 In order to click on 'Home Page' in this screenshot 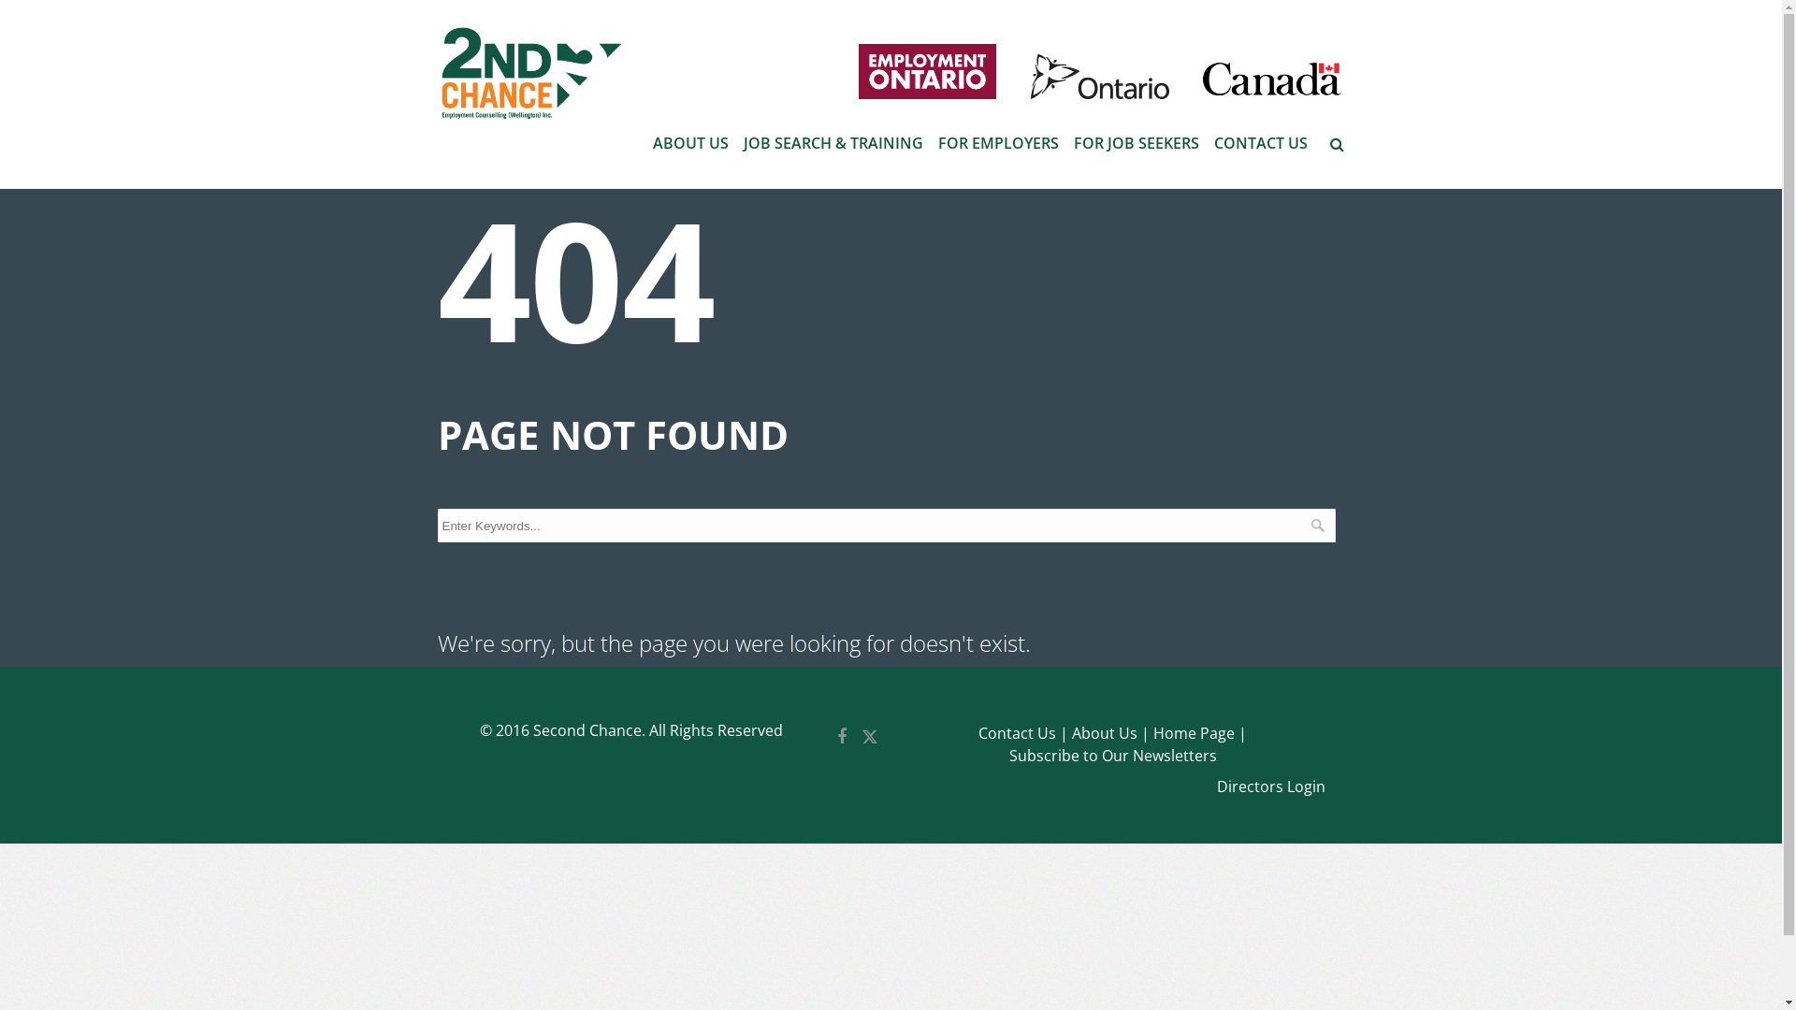, I will do `click(1199, 732)`.